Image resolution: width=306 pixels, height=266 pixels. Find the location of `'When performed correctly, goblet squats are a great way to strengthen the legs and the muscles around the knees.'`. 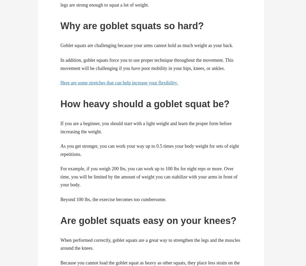

'When performed correctly, goblet squats are a great way to strengthen the legs and the muscles around the knees.' is located at coordinates (150, 244).